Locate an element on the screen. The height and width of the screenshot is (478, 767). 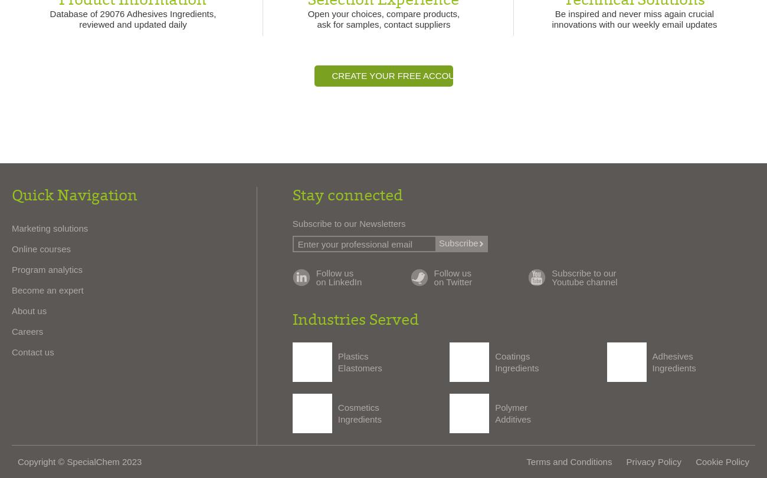
'Terms and Conditions' is located at coordinates (569, 460).